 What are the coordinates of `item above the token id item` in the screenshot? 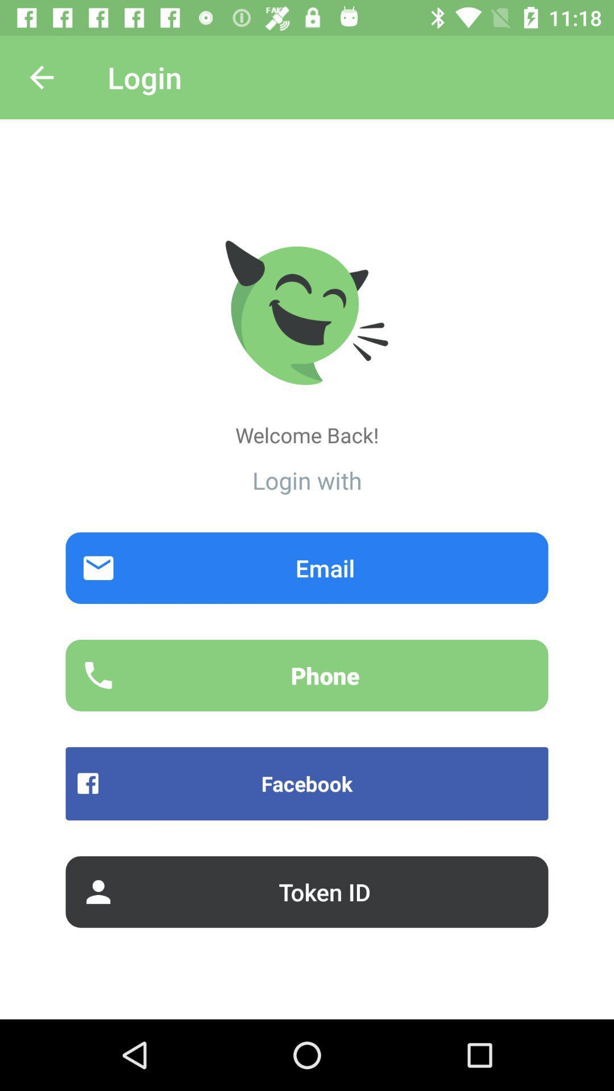 It's located at (307, 783).